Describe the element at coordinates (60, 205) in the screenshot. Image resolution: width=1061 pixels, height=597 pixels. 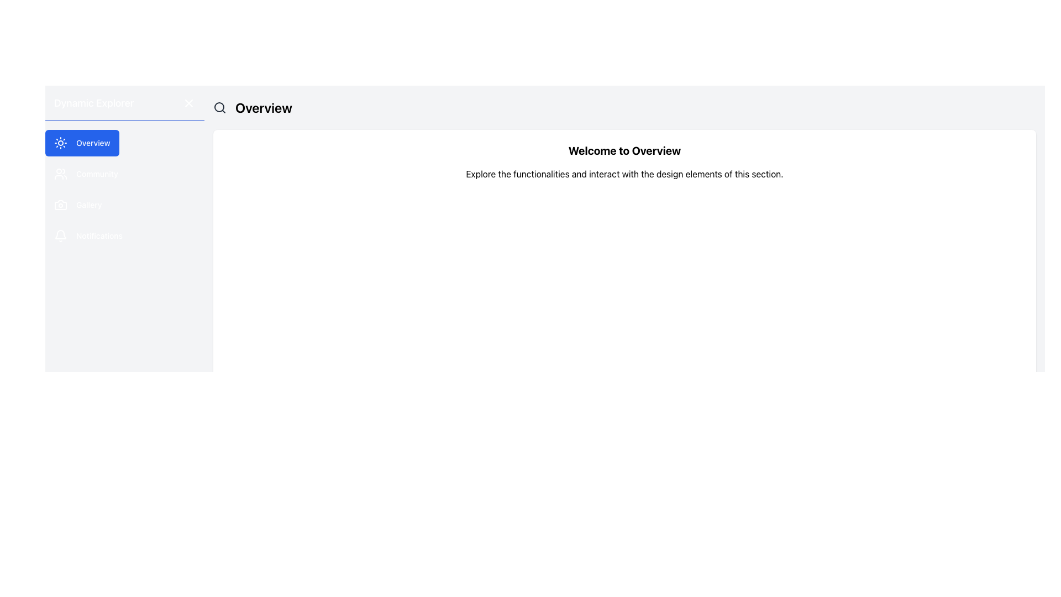
I see `the gallery icon located in the second option of the vertical navigation menu on the left side of the interface, which precedes the text label 'Gallery'` at that location.